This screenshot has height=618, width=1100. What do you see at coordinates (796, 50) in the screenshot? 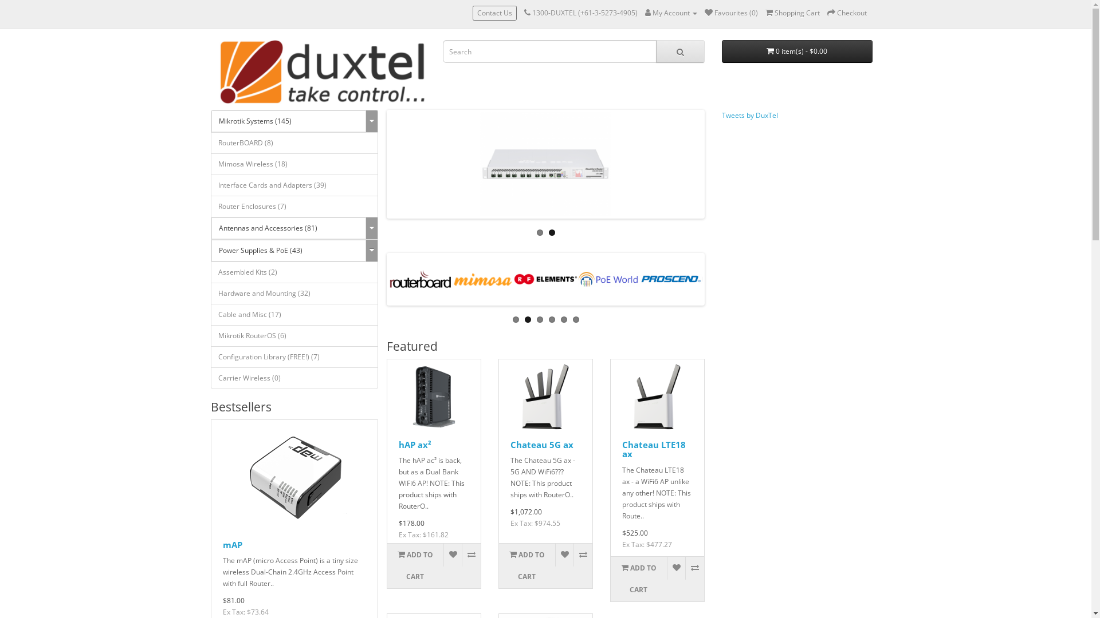
I see `'0 item(s) - $0.00'` at bounding box center [796, 50].